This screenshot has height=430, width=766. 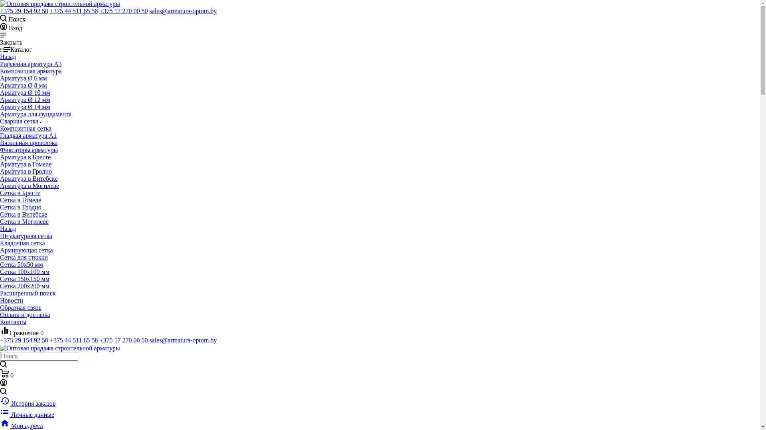 What do you see at coordinates (123, 340) in the screenshot?
I see `'+375 17 270 00 50'` at bounding box center [123, 340].